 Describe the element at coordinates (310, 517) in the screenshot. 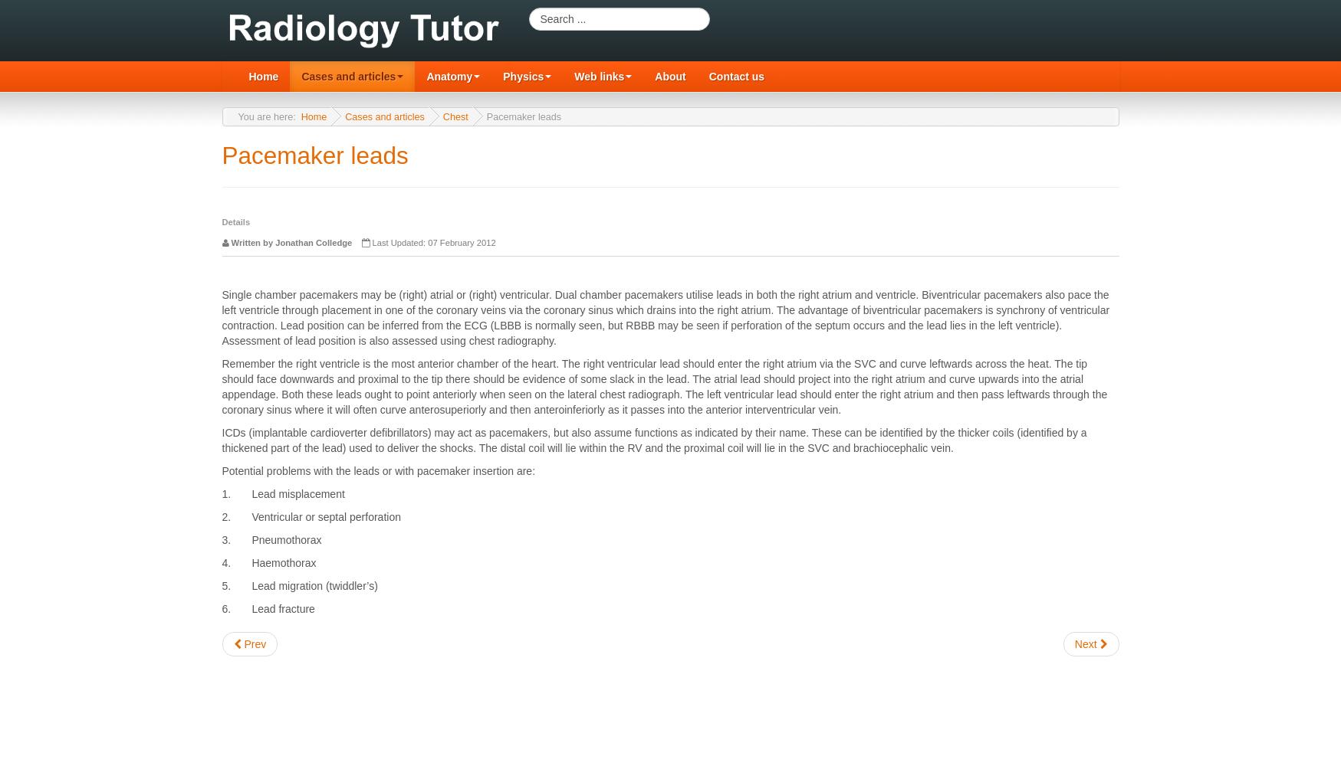

I see `'2.       Ventricular or septal perforation'` at that location.